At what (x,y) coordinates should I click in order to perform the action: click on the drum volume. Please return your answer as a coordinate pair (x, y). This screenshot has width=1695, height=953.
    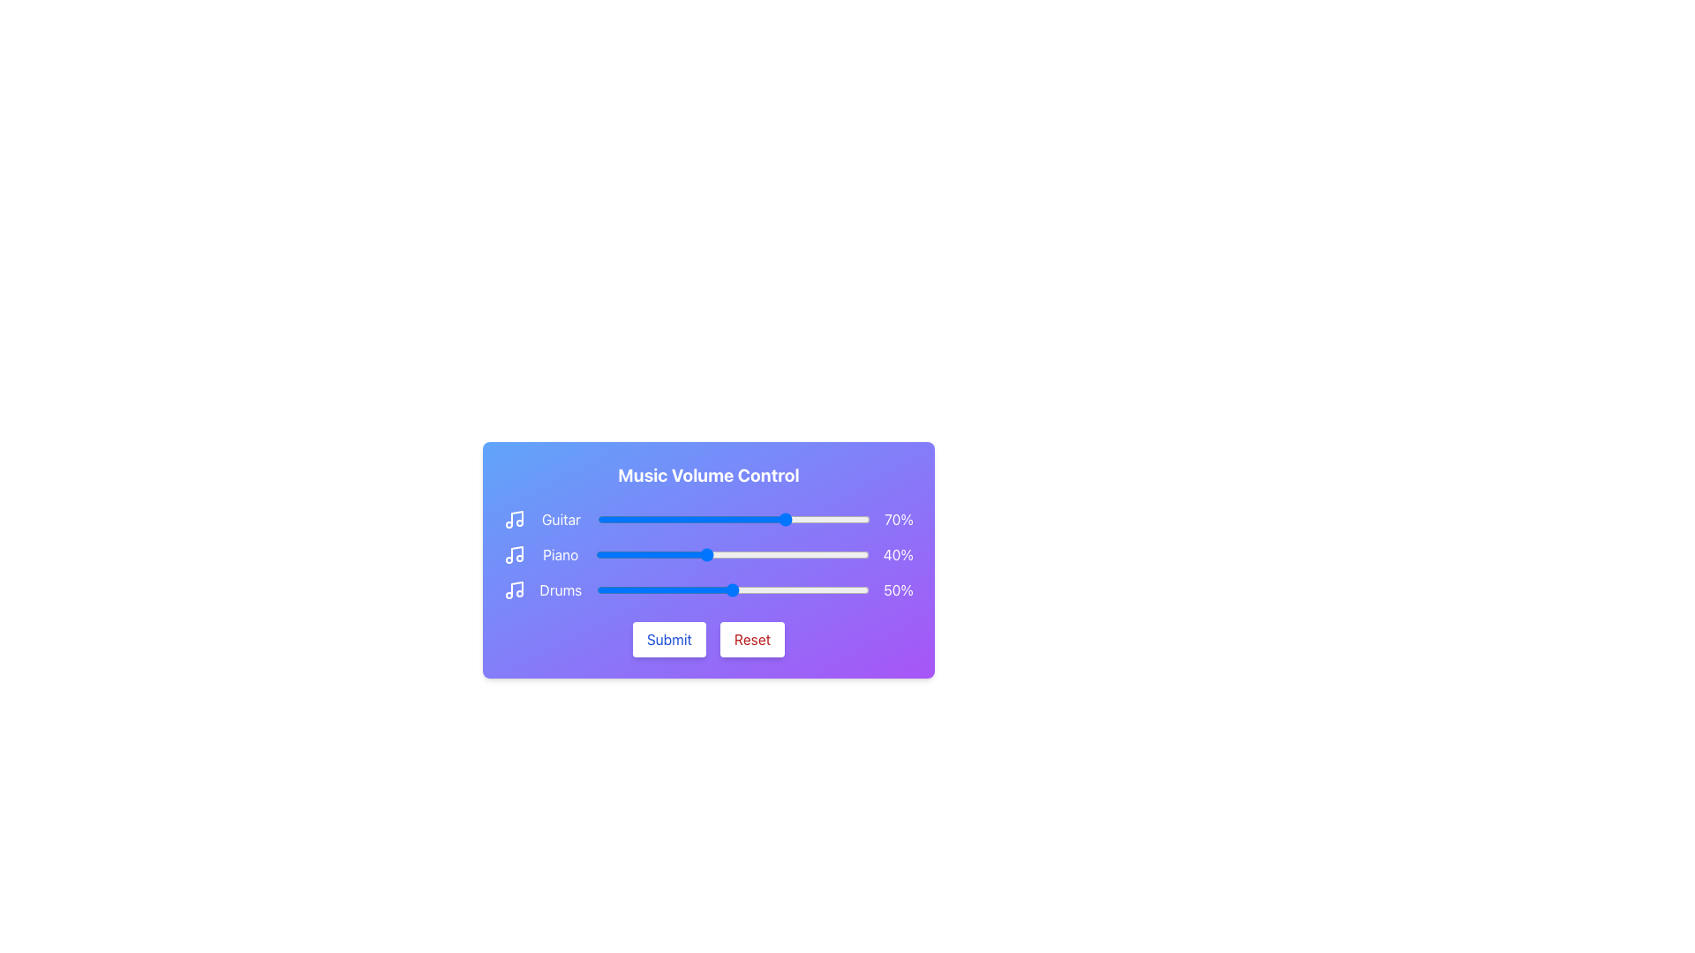
    Looking at the image, I should click on (858, 589).